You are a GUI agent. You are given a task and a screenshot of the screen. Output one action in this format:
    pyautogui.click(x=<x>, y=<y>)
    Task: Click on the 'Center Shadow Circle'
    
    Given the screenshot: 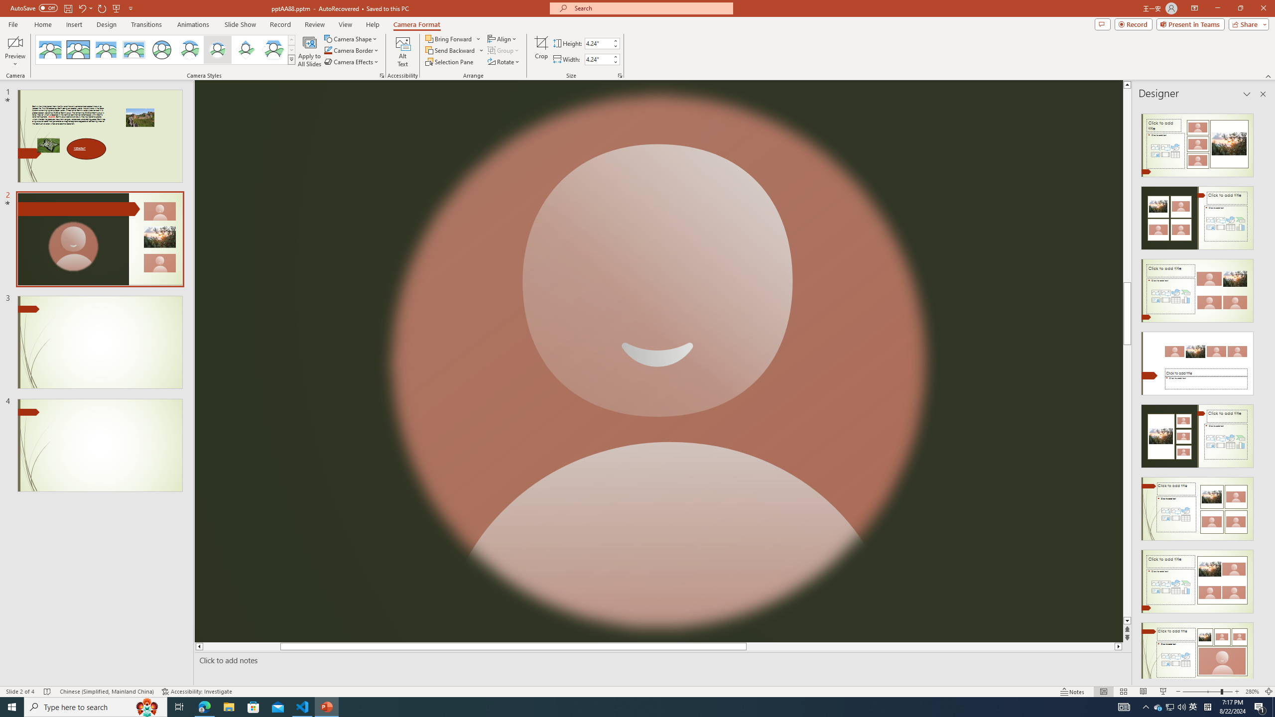 What is the action you would take?
    pyautogui.click(x=189, y=49)
    